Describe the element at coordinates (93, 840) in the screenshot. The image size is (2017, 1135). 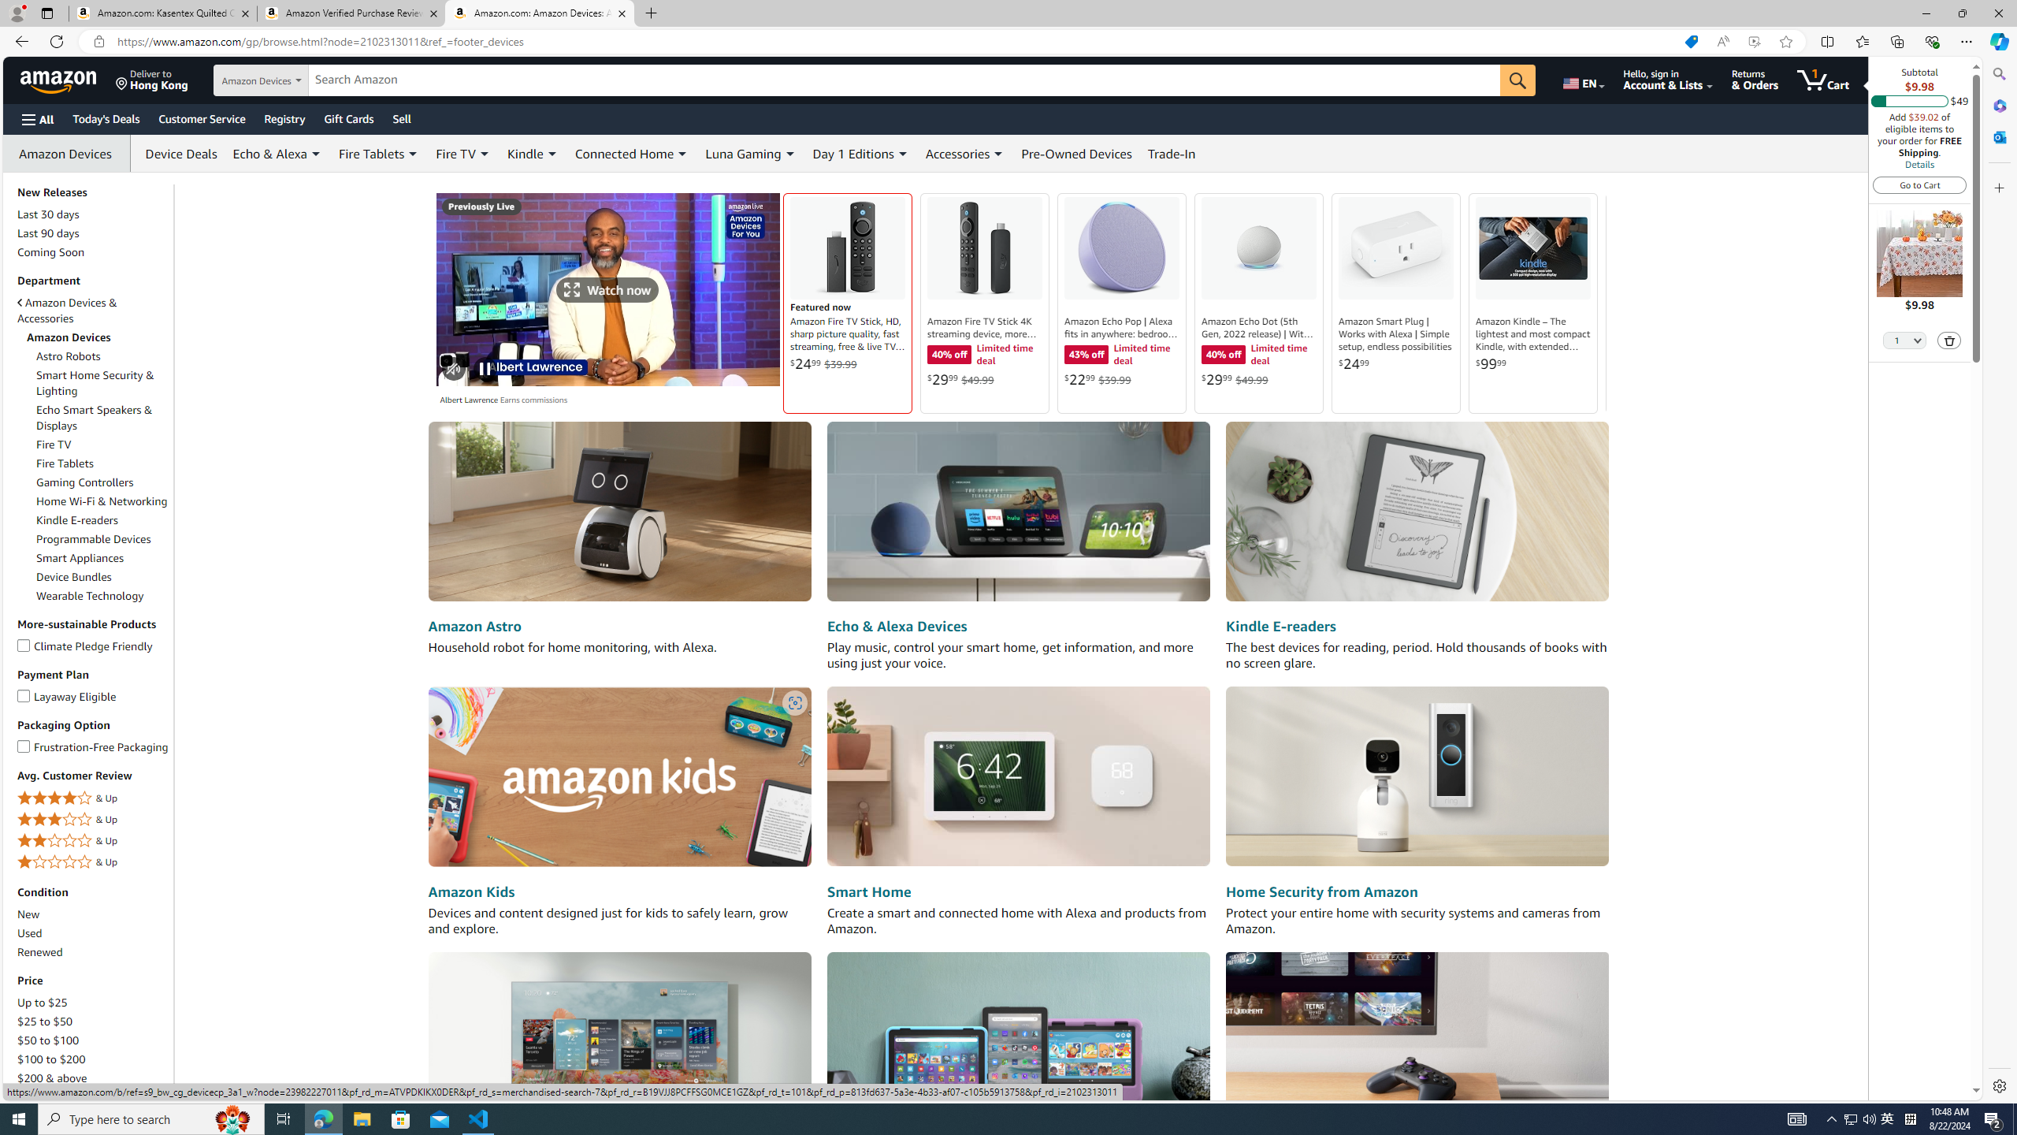
I see `'2 Stars & Up'` at that location.